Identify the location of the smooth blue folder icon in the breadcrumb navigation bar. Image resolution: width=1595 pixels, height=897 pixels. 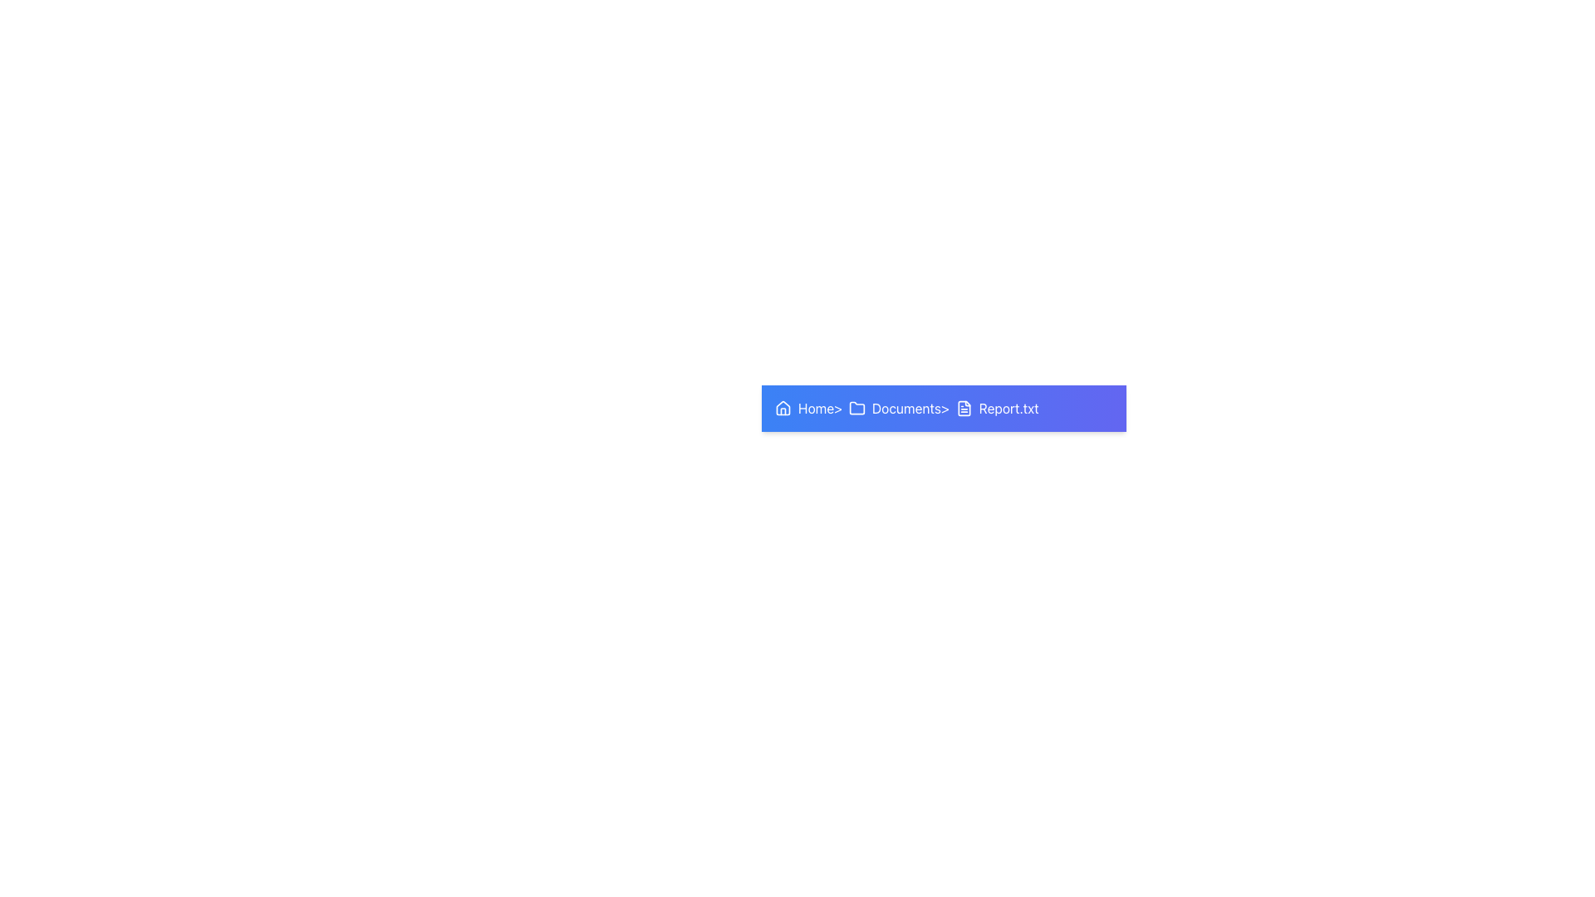
(857, 408).